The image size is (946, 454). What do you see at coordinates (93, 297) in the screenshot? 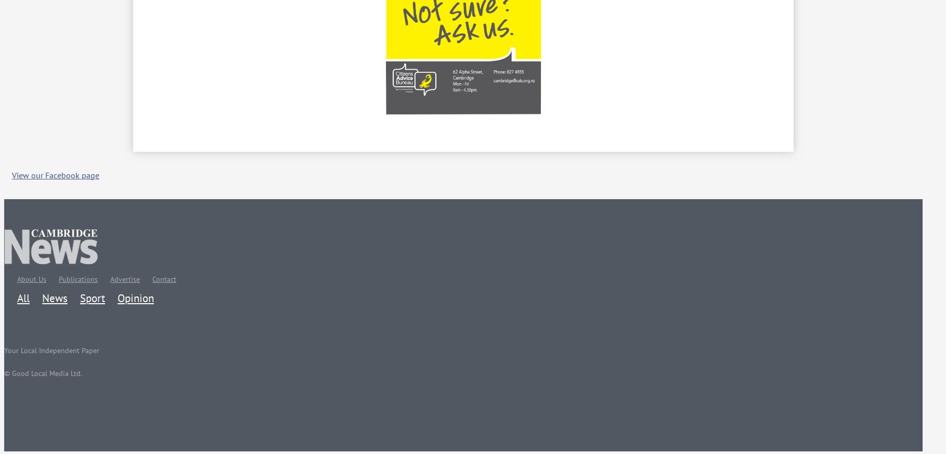
I see `'Sport'` at bounding box center [93, 297].